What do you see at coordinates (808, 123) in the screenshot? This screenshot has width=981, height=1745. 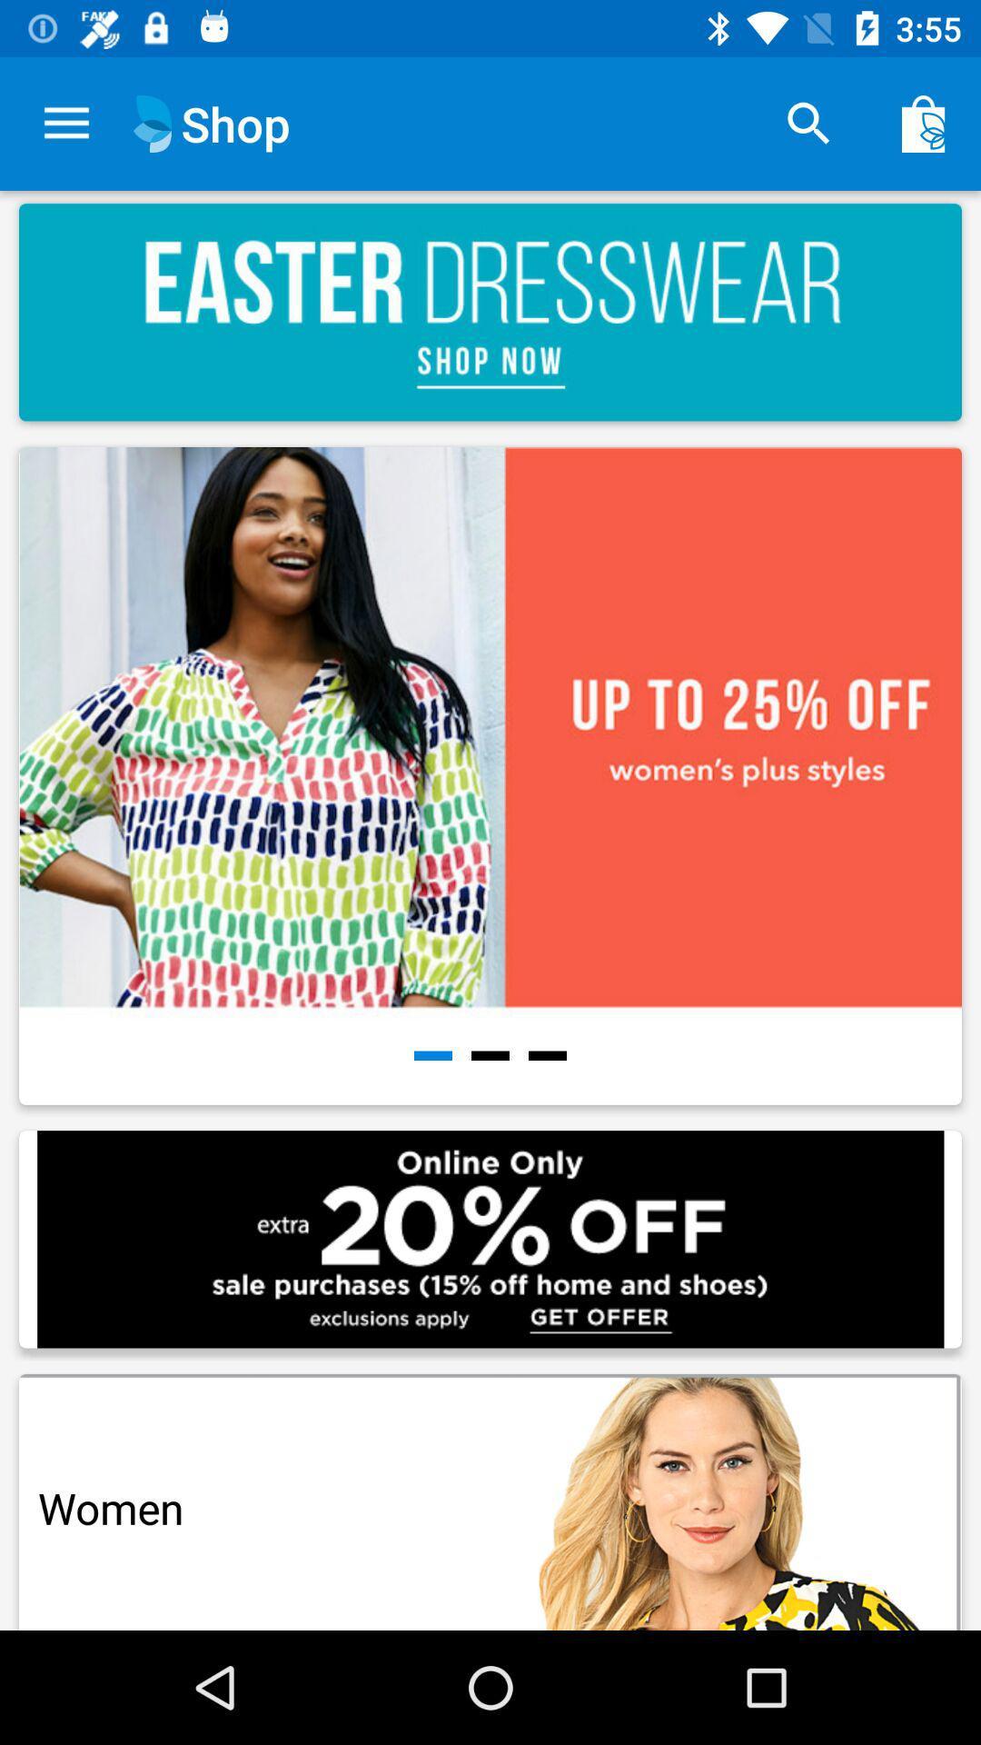 I see `the app next to shop item` at bounding box center [808, 123].